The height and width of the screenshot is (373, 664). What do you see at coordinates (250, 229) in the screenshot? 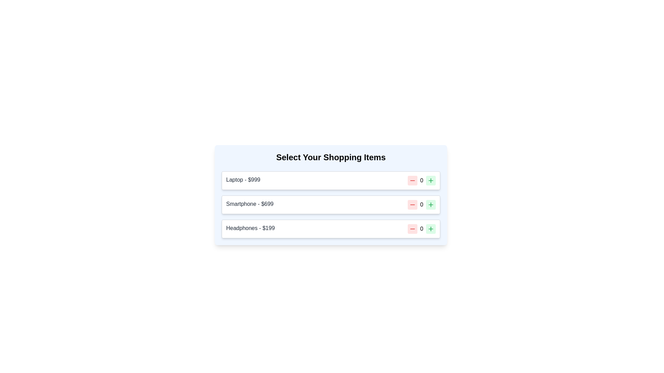
I see `item's name 'Headphones' and its price '$199' from the text label positioned in the third row of the shopping items list` at bounding box center [250, 229].